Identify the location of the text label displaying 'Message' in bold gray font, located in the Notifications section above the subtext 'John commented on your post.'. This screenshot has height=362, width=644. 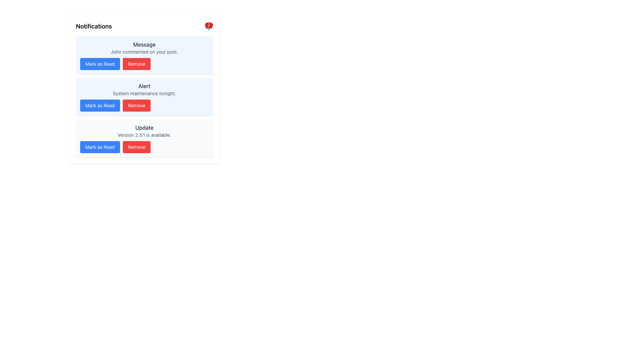
(144, 44).